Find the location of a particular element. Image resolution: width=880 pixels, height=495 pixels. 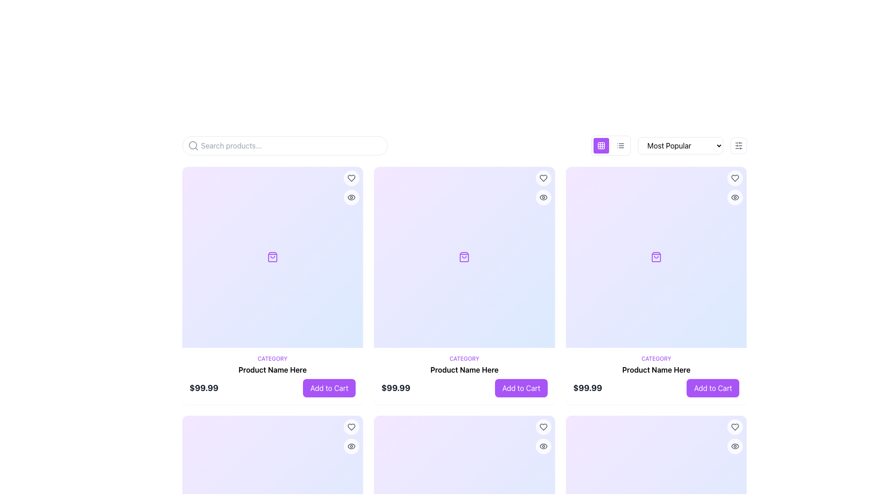

the heart-shaped icon button located at the top-right of the product card is located at coordinates (351, 178).